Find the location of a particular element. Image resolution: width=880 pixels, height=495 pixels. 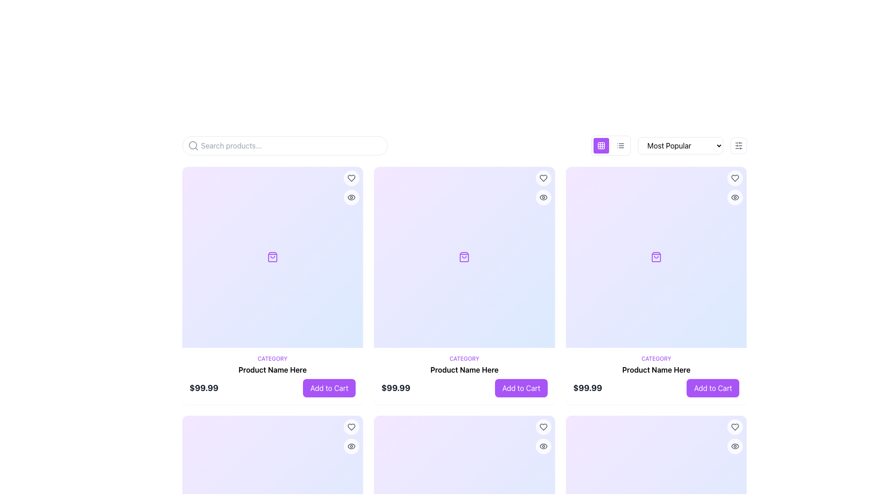

the heart-shaped icon button located at the top-right of the product card is located at coordinates (351, 178).